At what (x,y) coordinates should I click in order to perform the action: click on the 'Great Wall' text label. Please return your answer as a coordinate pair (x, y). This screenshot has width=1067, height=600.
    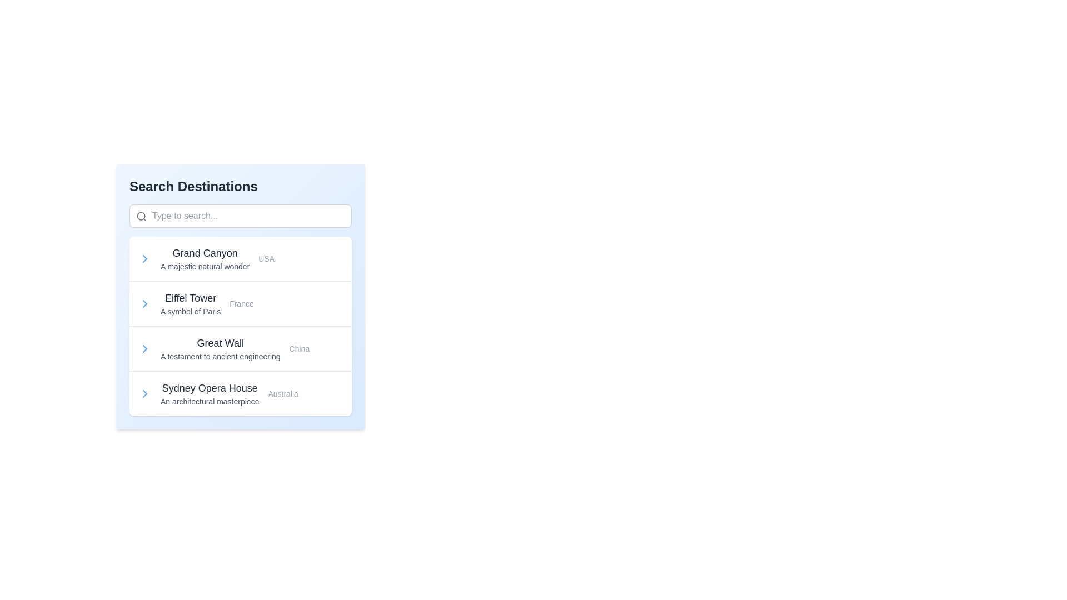
    Looking at the image, I should click on (220, 342).